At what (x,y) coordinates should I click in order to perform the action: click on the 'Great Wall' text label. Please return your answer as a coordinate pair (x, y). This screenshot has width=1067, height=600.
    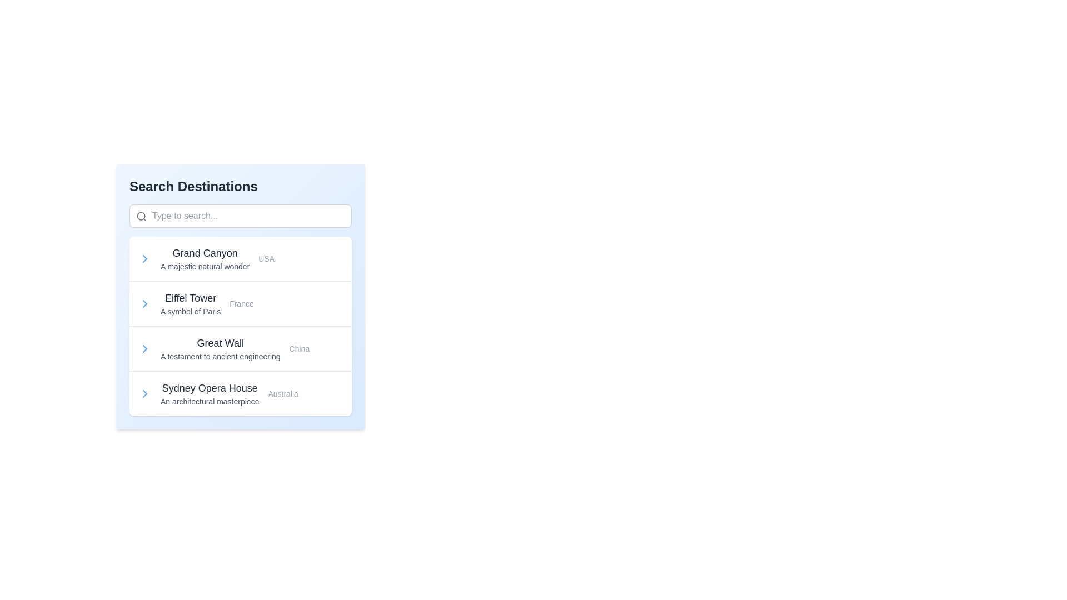
    Looking at the image, I should click on (220, 342).